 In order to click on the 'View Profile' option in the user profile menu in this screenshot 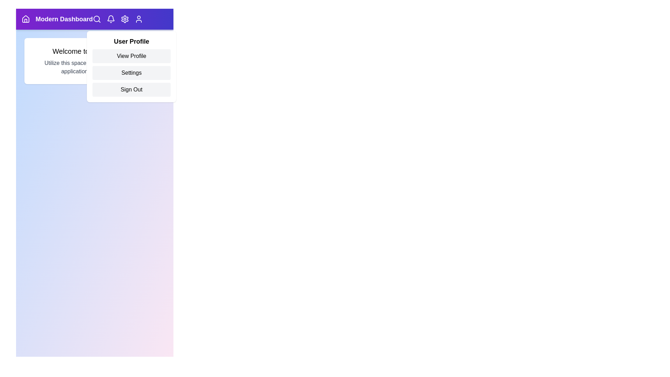, I will do `click(132, 56)`.